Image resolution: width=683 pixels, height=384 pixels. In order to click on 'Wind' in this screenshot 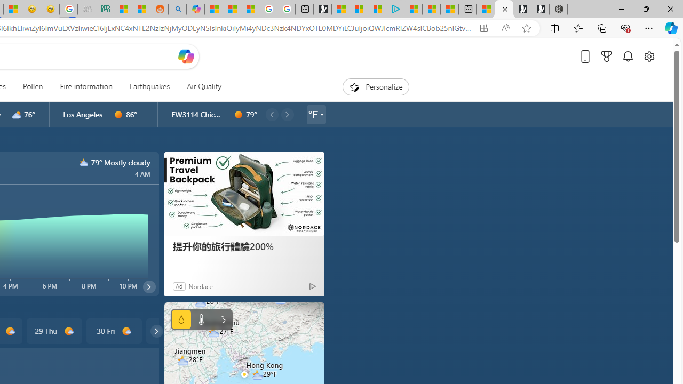, I will do `click(221, 319)`.